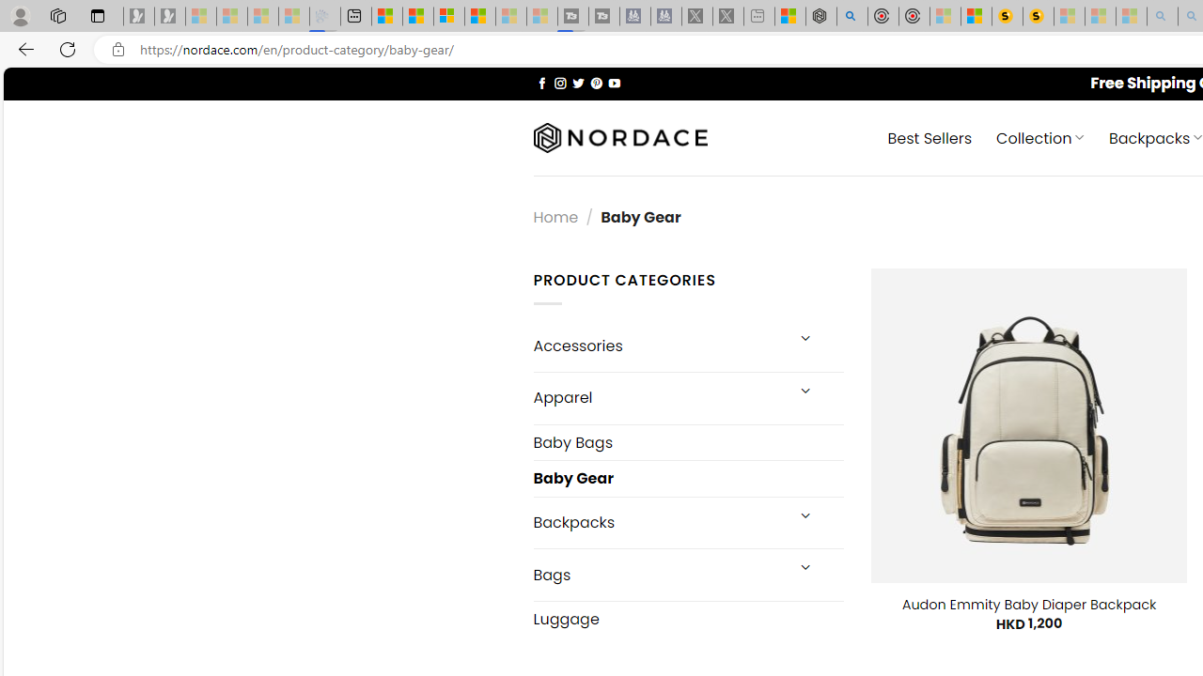  What do you see at coordinates (448, 16) in the screenshot?
I see `'Overview'` at bounding box center [448, 16].